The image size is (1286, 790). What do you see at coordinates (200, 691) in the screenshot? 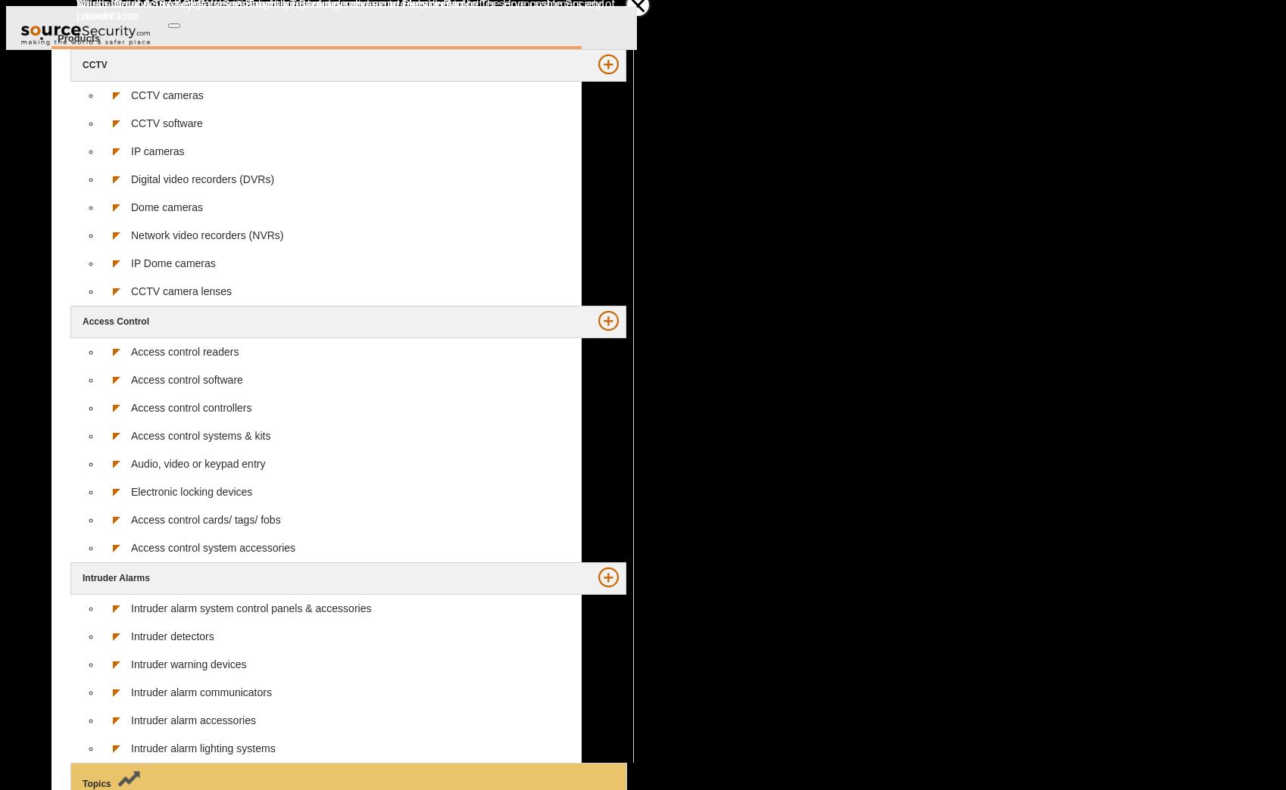
I see `'Intruder alarm communicators'` at bounding box center [200, 691].